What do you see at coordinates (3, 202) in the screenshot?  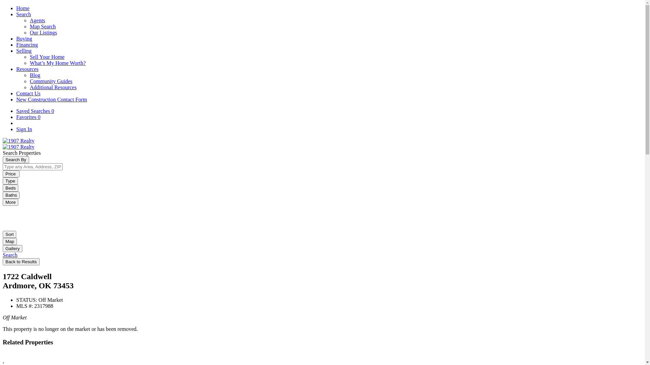 I see `'More'` at bounding box center [3, 202].